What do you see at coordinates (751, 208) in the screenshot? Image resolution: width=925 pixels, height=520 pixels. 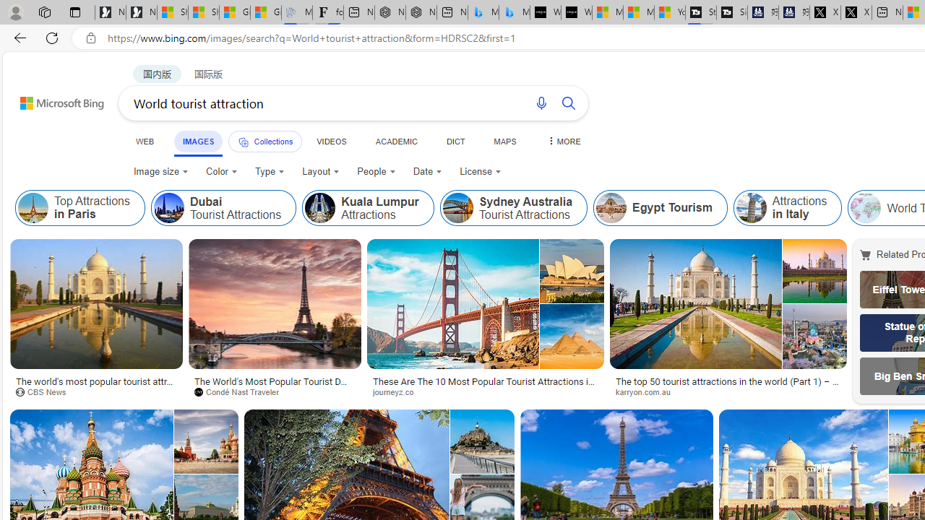 I see `'Attractions in Italy'` at bounding box center [751, 208].